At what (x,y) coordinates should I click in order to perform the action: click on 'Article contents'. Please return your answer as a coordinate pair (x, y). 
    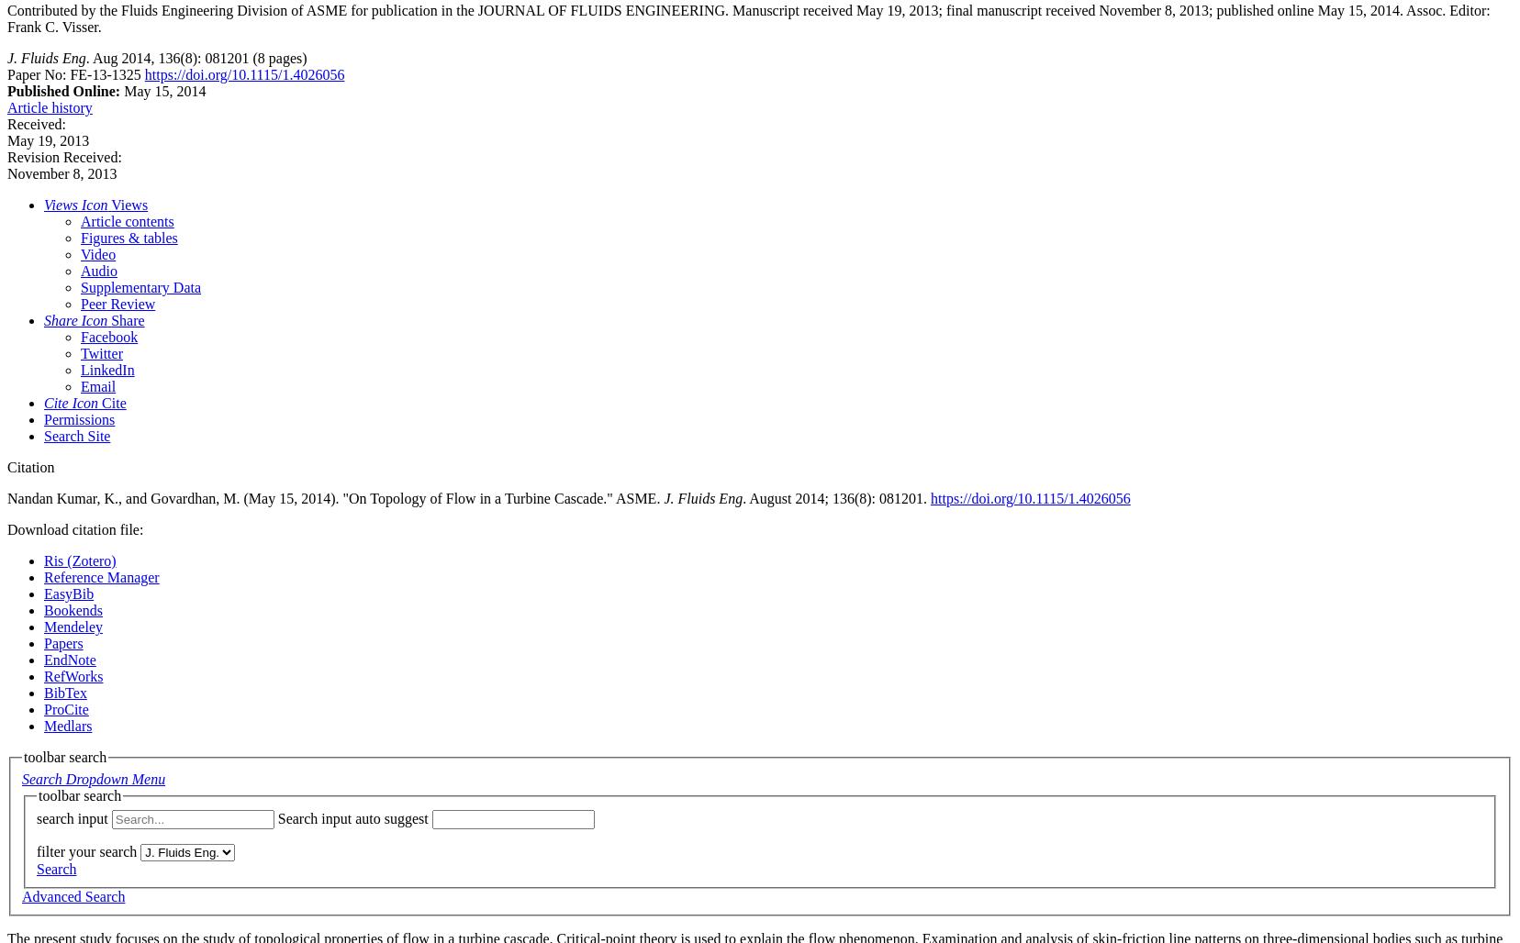
    Looking at the image, I should click on (126, 220).